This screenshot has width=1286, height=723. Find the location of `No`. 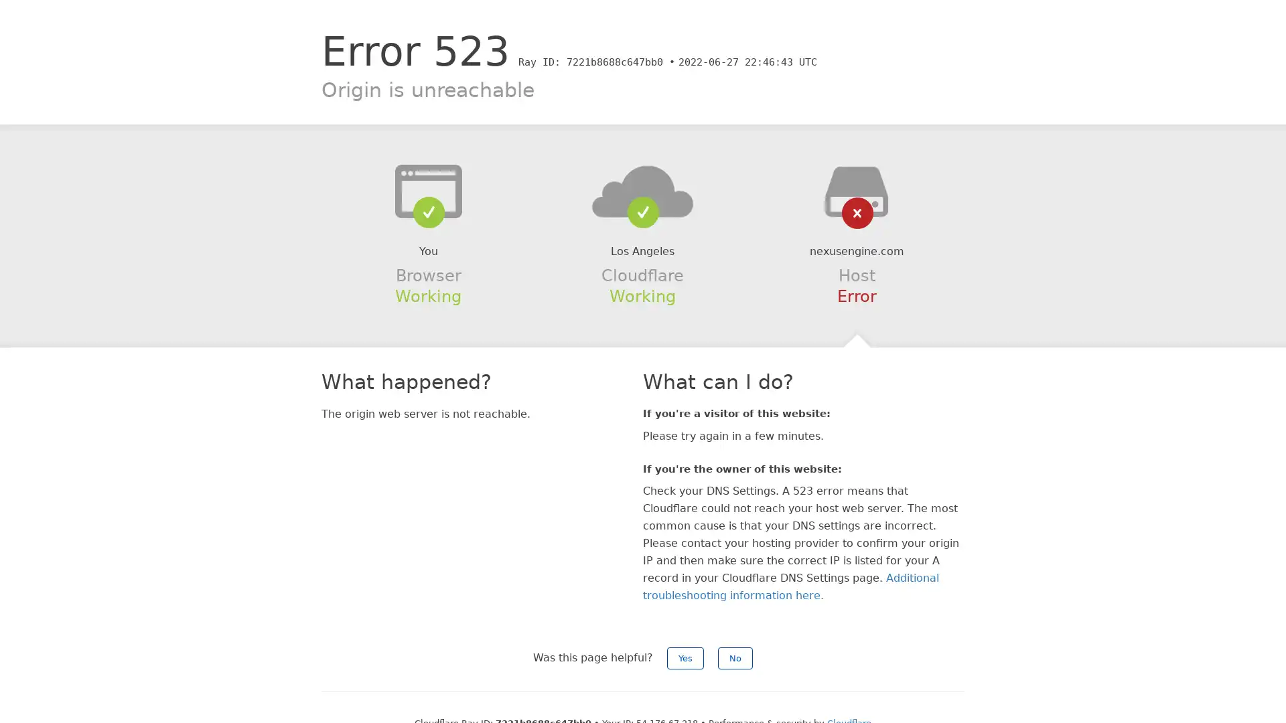

No is located at coordinates (735, 657).